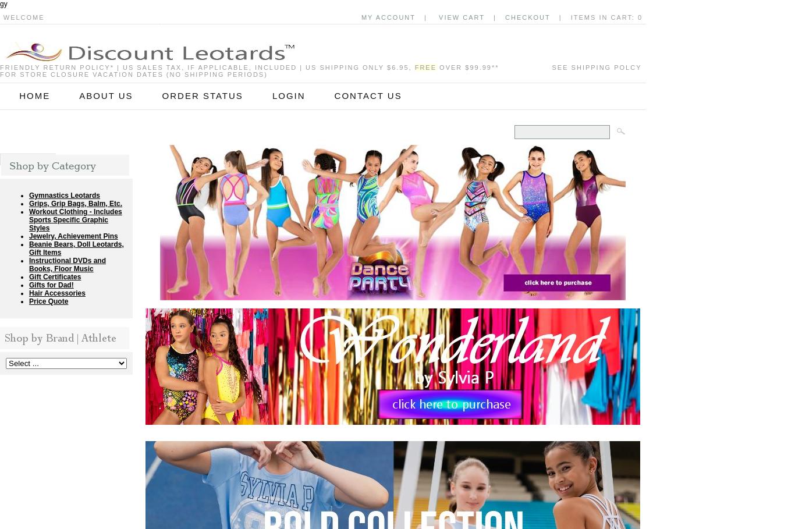 The height and width of the screenshot is (529, 795). What do you see at coordinates (75, 203) in the screenshot?
I see `'Grips, Grip Bags, Balm, Etc.'` at bounding box center [75, 203].